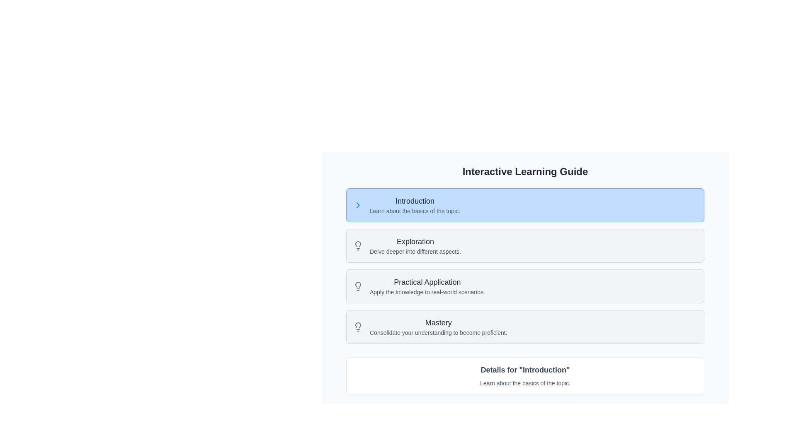 The width and height of the screenshot is (796, 447). What do you see at coordinates (415, 210) in the screenshot?
I see `the text label displaying 'Learn about the basics of the topic.' which is styled in light gray and positioned below the 'Introduction' heading` at bounding box center [415, 210].